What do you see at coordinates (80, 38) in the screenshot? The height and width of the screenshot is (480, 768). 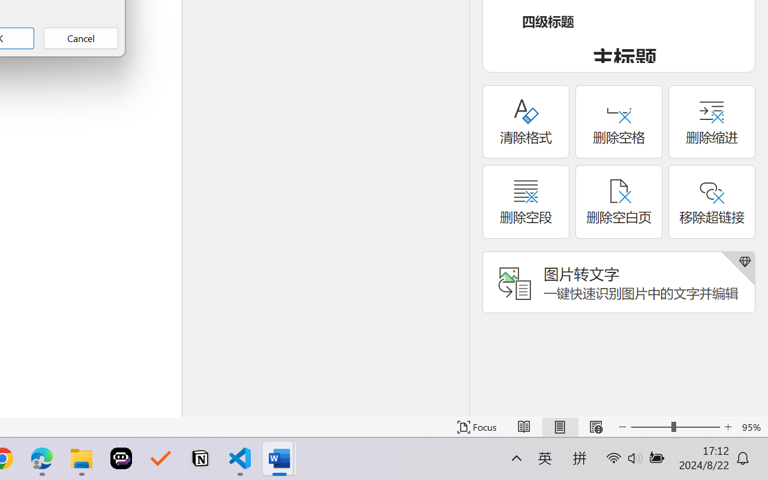 I see `'Cancel'` at bounding box center [80, 38].